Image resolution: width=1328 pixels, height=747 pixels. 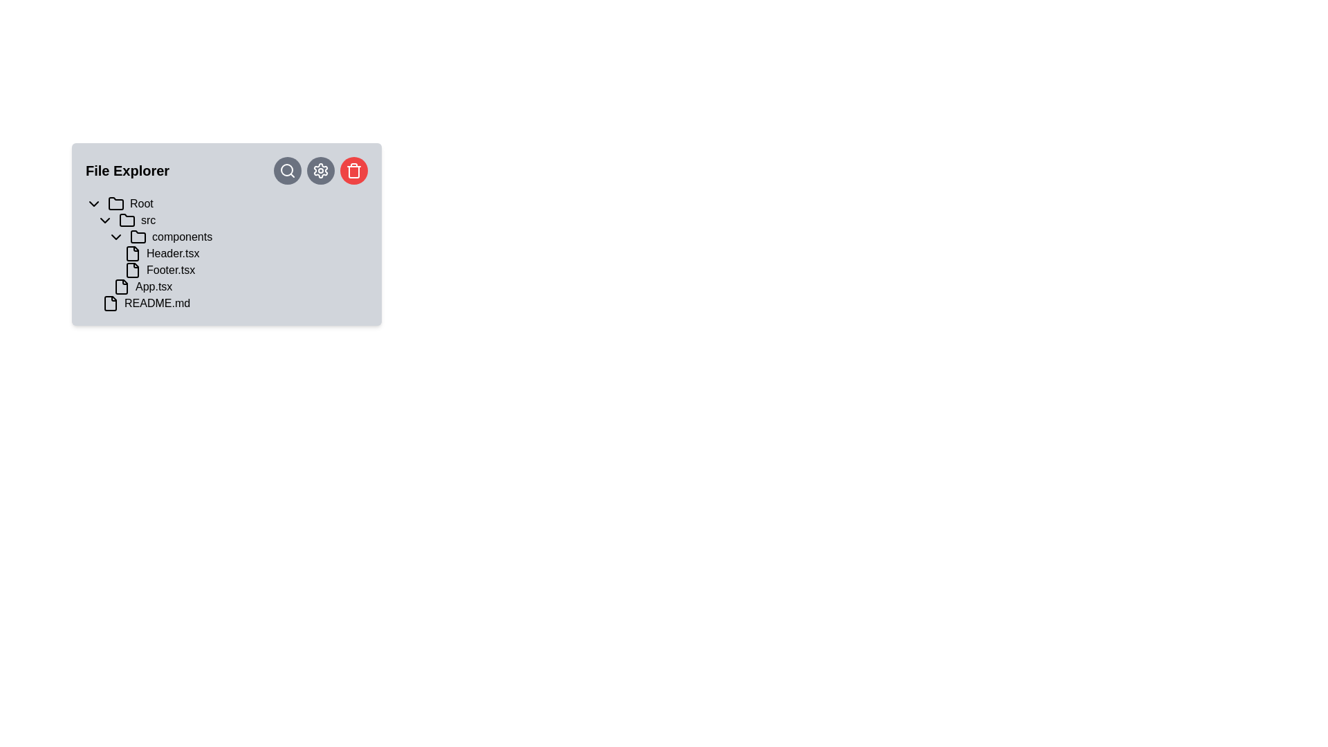 What do you see at coordinates (109, 303) in the screenshot?
I see `the document icon with a folded corner that is positioned next to the text 'README.md' in the file explorer interface` at bounding box center [109, 303].